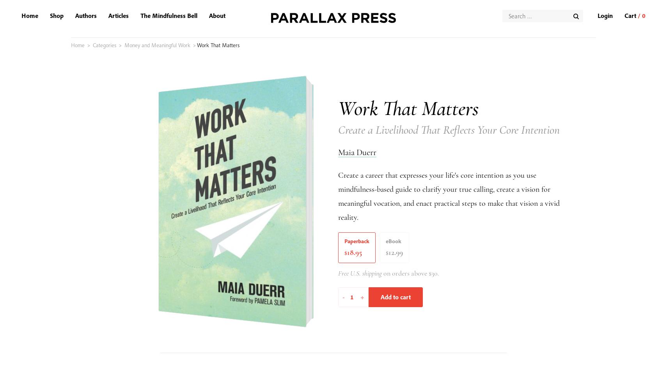 The width and height of the screenshot is (667, 373). Describe the element at coordinates (136, 135) in the screenshot. I see `'We Are the Economy'` at that location.